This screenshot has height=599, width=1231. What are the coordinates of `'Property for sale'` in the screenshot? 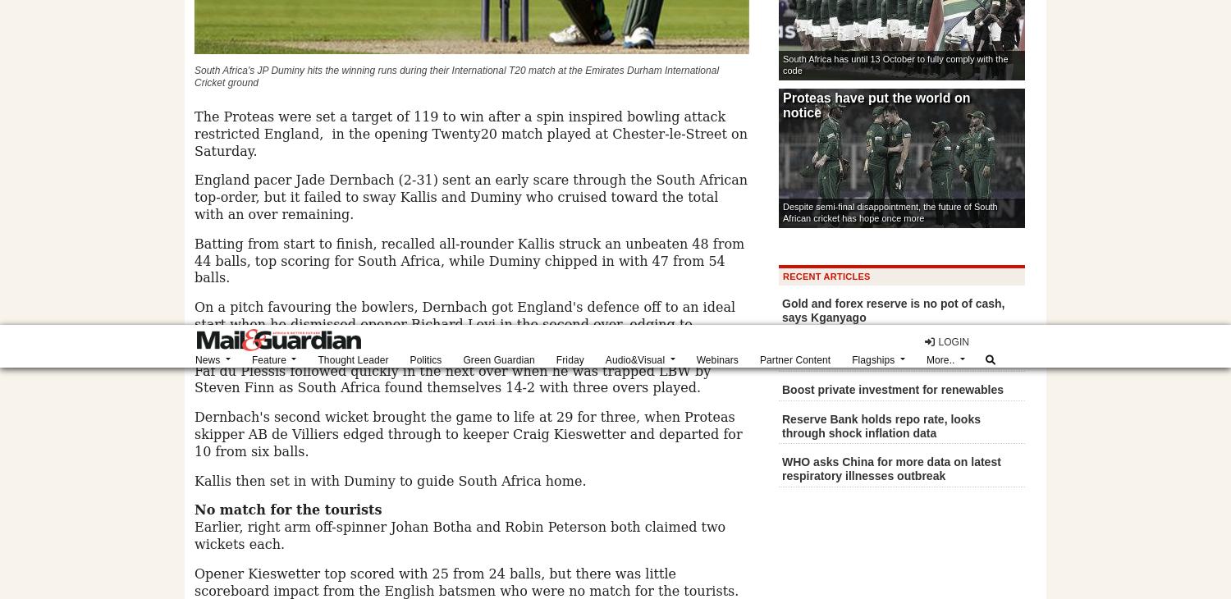 It's located at (889, 78).